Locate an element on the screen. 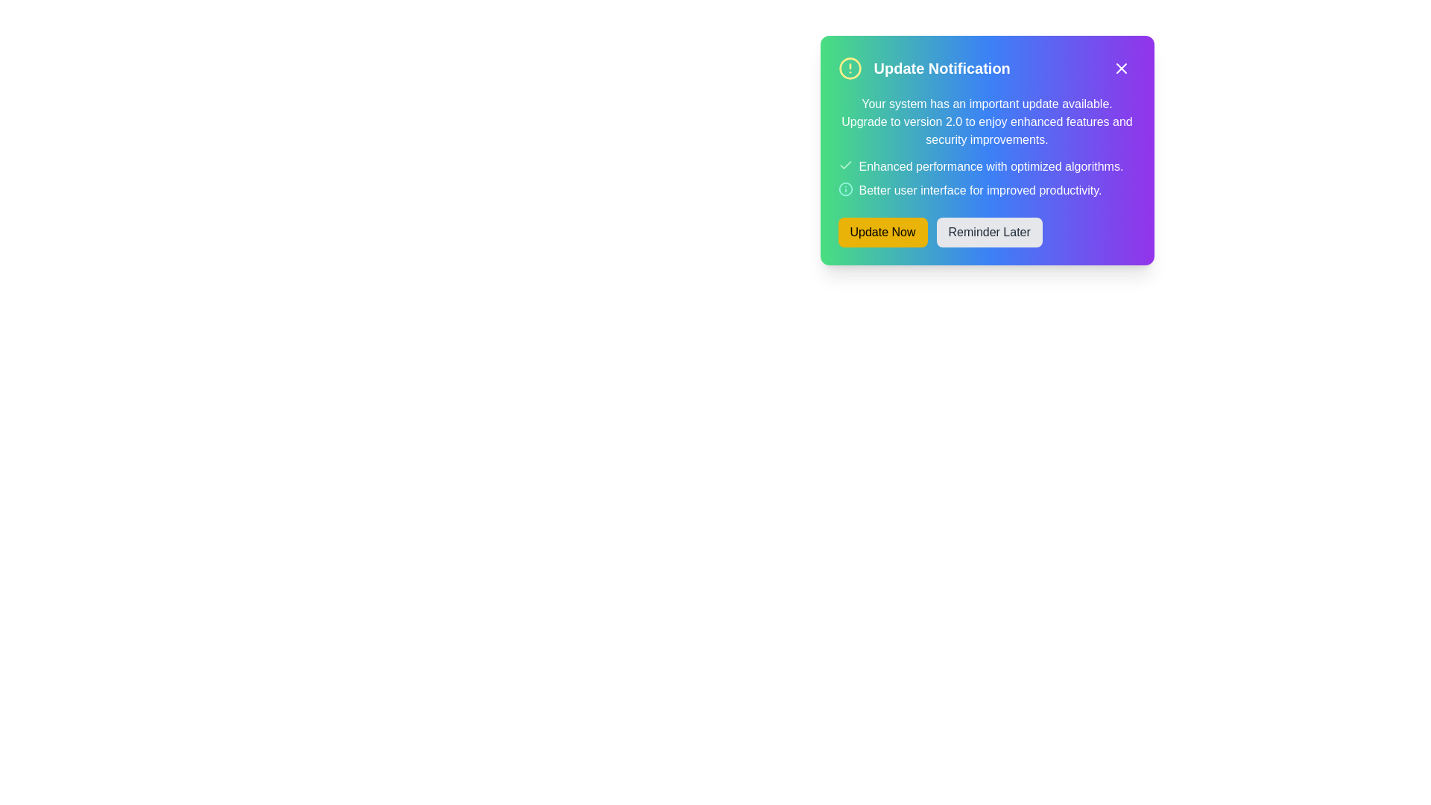 This screenshot has width=1431, height=805. the small circular information icon with a teal outline located to the left of the text 'Better user interface for improved productivity.' is located at coordinates (845, 189).